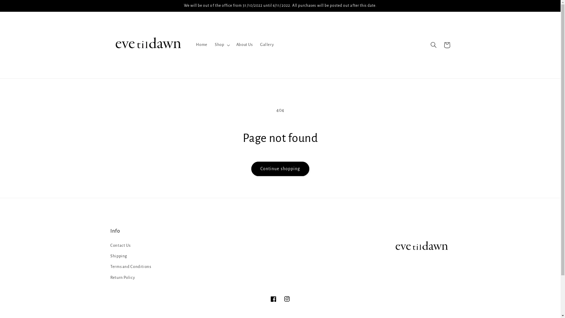 Image resolution: width=565 pixels, height=318 pixels. I want to click on 'Gallery', so click(267, 45).